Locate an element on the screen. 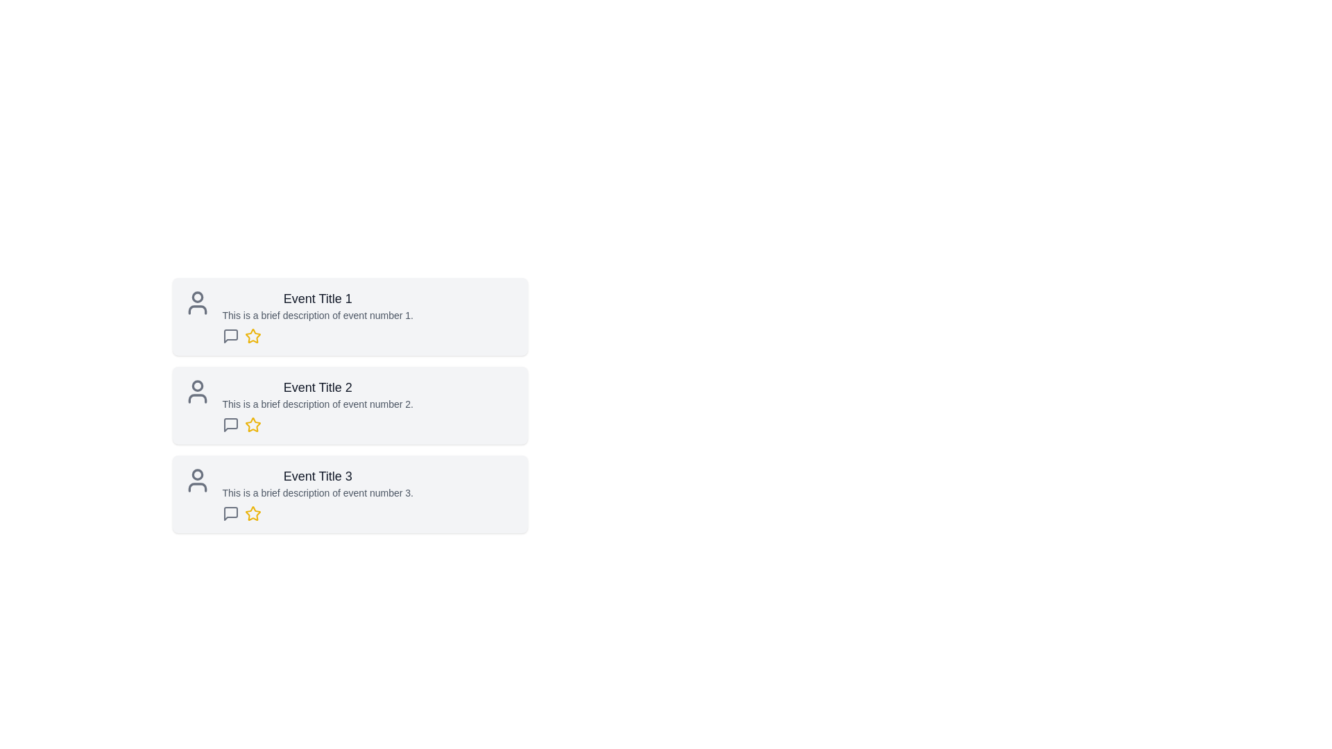 This screenshot has height=749, width=1332. the Avatar icon located at the top left corner of the 'Event Title 2' card, which provides contextual information about the event is located at coordinates (196, 391).